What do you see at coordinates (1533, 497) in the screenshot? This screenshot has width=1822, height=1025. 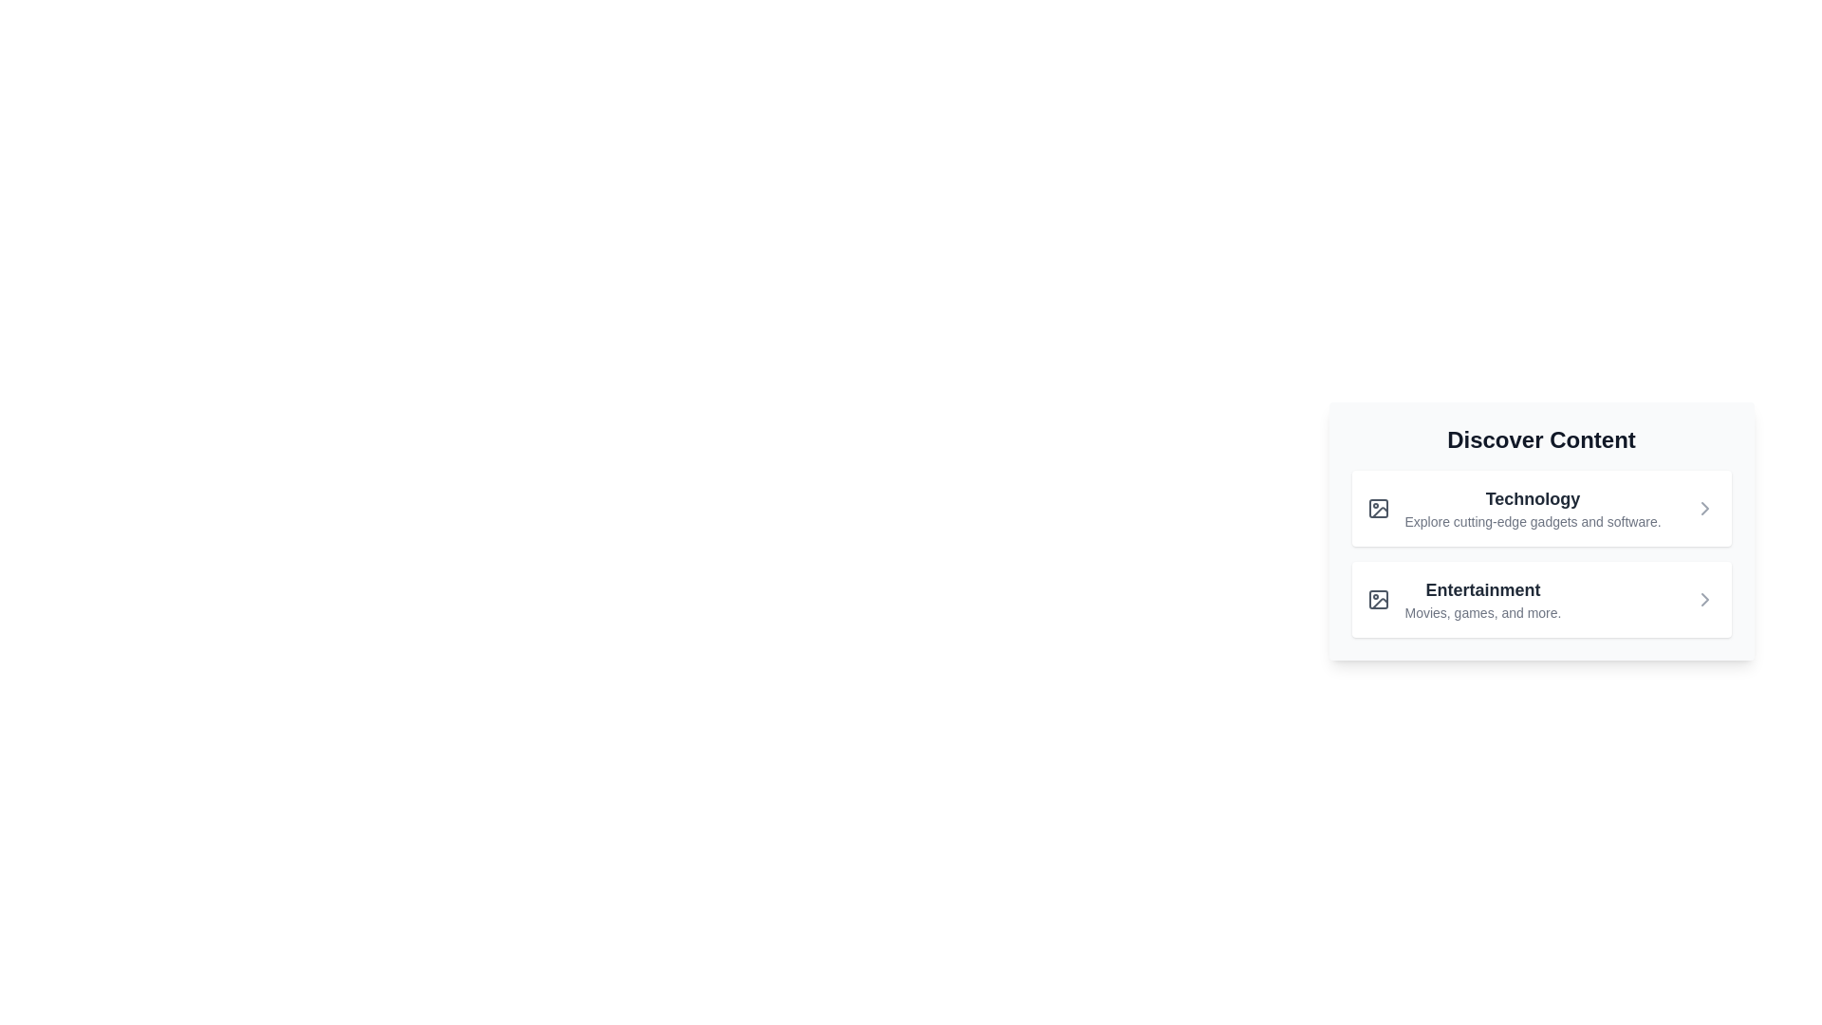 I see `'Technology' label, which is displayed in bold and larger gray font, indicating its significance as a section title` at bounding box center [1533, 497].